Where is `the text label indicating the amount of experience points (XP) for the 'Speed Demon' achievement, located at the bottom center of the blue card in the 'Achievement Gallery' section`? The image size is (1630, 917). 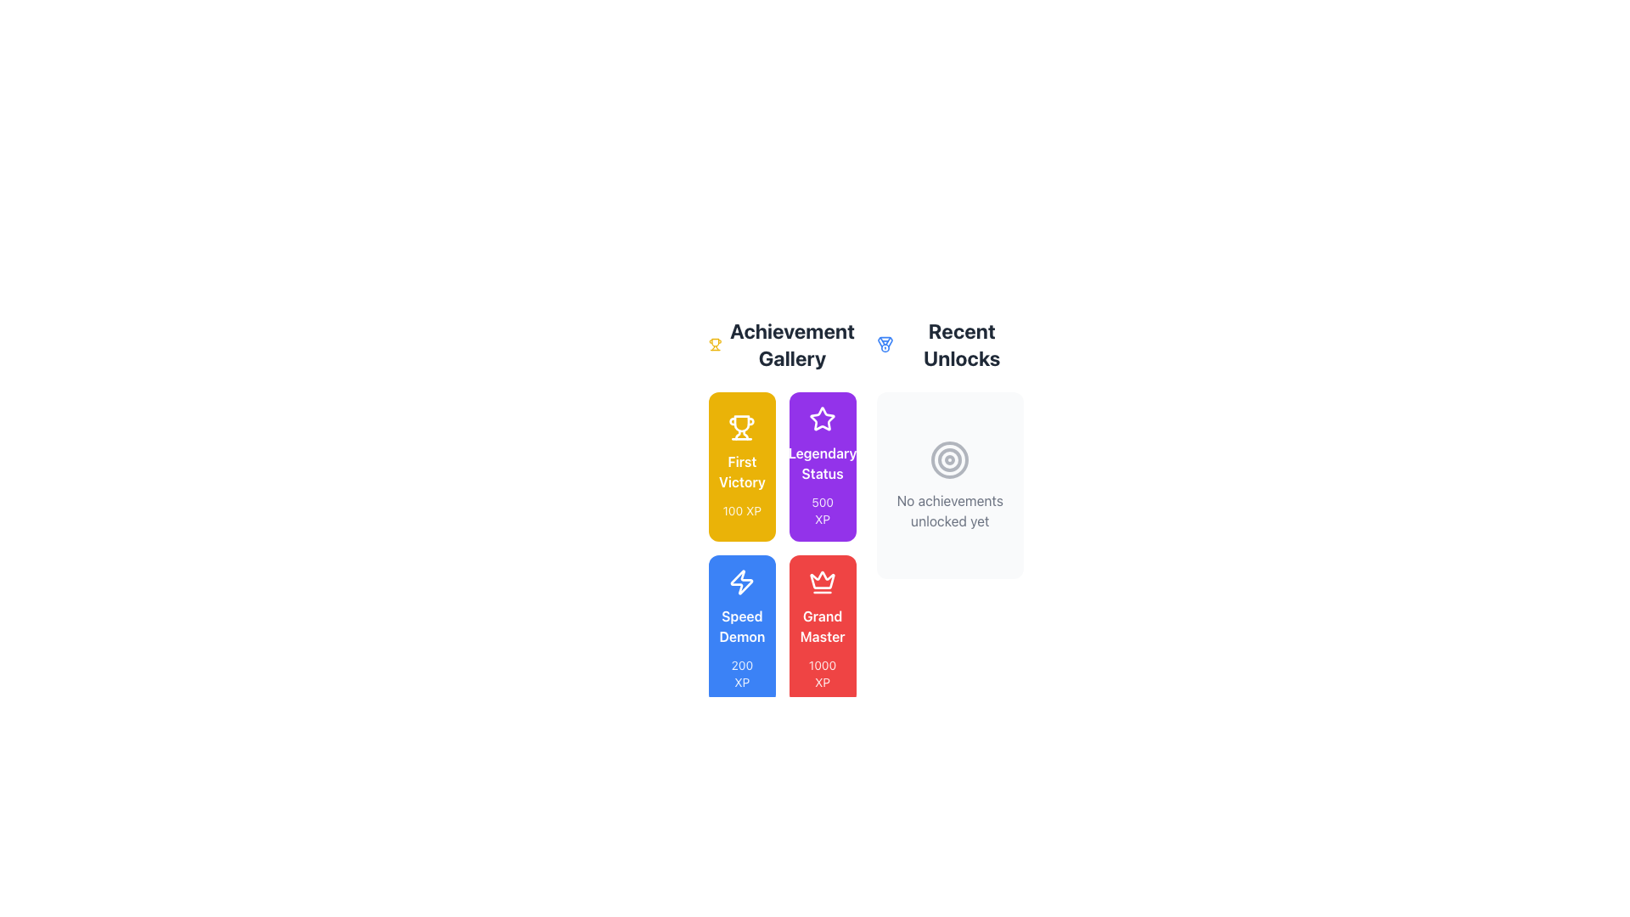
the text label indicating the amount of experience points (XP) for the 'Speed Demon' achievement, located at the bottom center of the blue card in the 'Achievement Gallery' section is located at coordinates (742, 673).